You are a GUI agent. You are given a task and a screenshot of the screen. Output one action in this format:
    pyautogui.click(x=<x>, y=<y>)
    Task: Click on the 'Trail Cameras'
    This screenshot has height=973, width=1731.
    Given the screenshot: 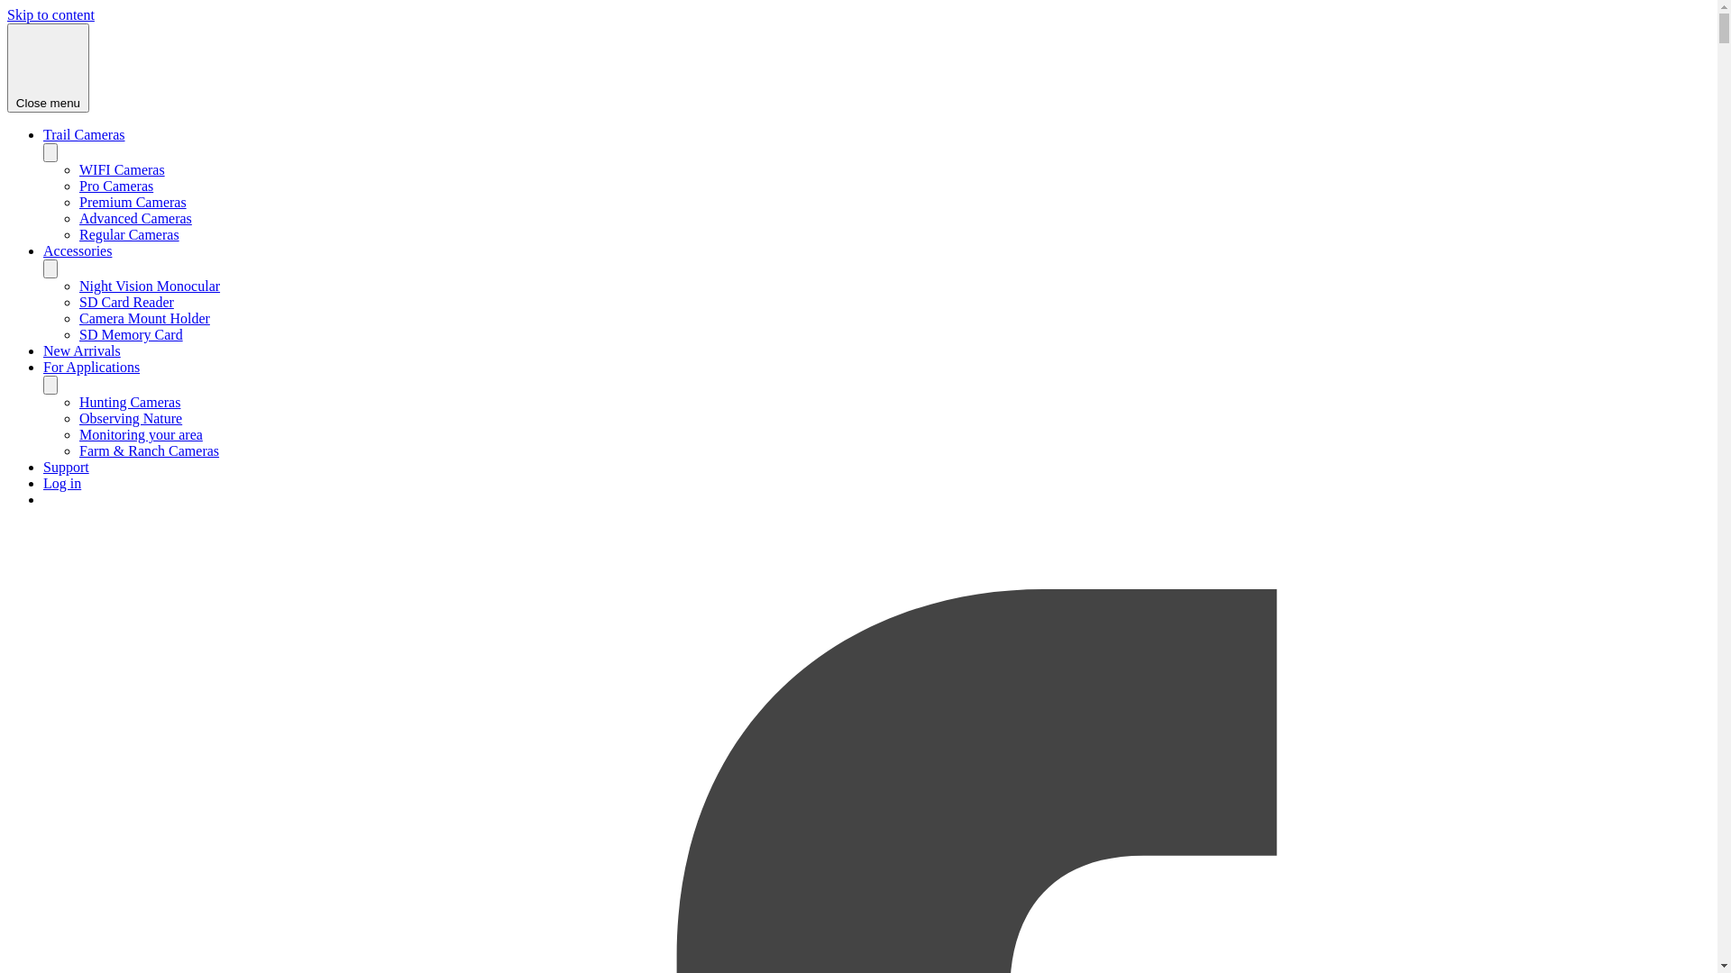 What is the action you would take?
    pyautogui.click(x=83, y=133)
    